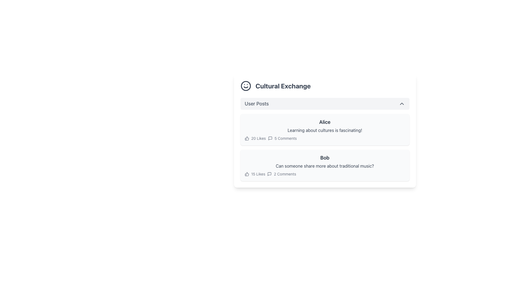  I want to click on the thumbs-up icon located next to the '15 Likes' label under the 'Bob' post section in the 'Cultural Exchange' panel, so click(246, 174).